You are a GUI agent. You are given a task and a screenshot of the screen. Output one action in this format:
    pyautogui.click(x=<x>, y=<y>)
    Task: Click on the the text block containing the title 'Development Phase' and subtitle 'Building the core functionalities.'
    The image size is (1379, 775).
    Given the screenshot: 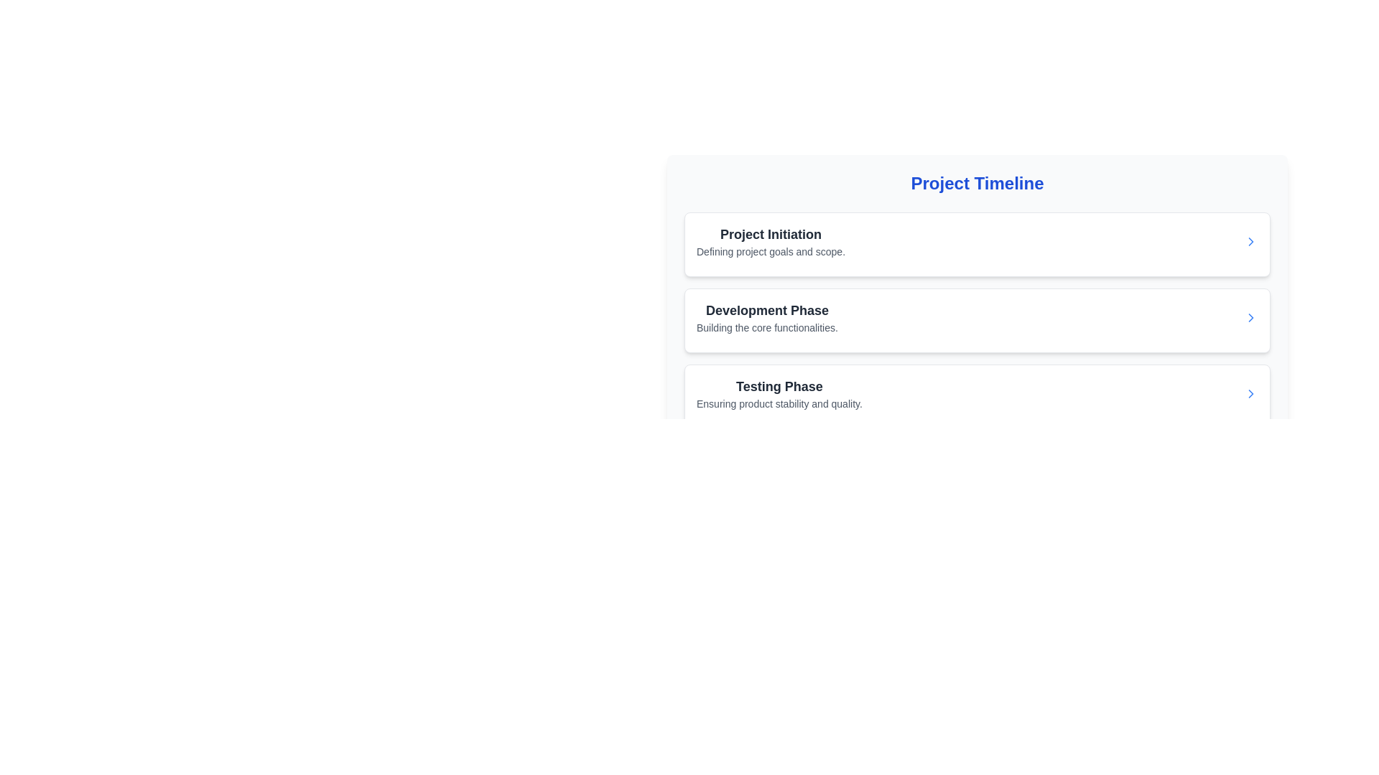 What is the action you would take?
    pyautogui.click(x=766, y=317)
    